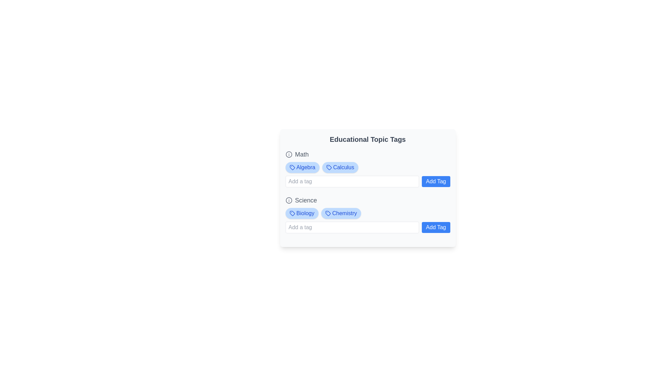  I want to click on the 'Calculus' label tag, which has a light blue background and blue text, located in the 'Math' section under 'Educational Topic Tags', so click(340, 168).